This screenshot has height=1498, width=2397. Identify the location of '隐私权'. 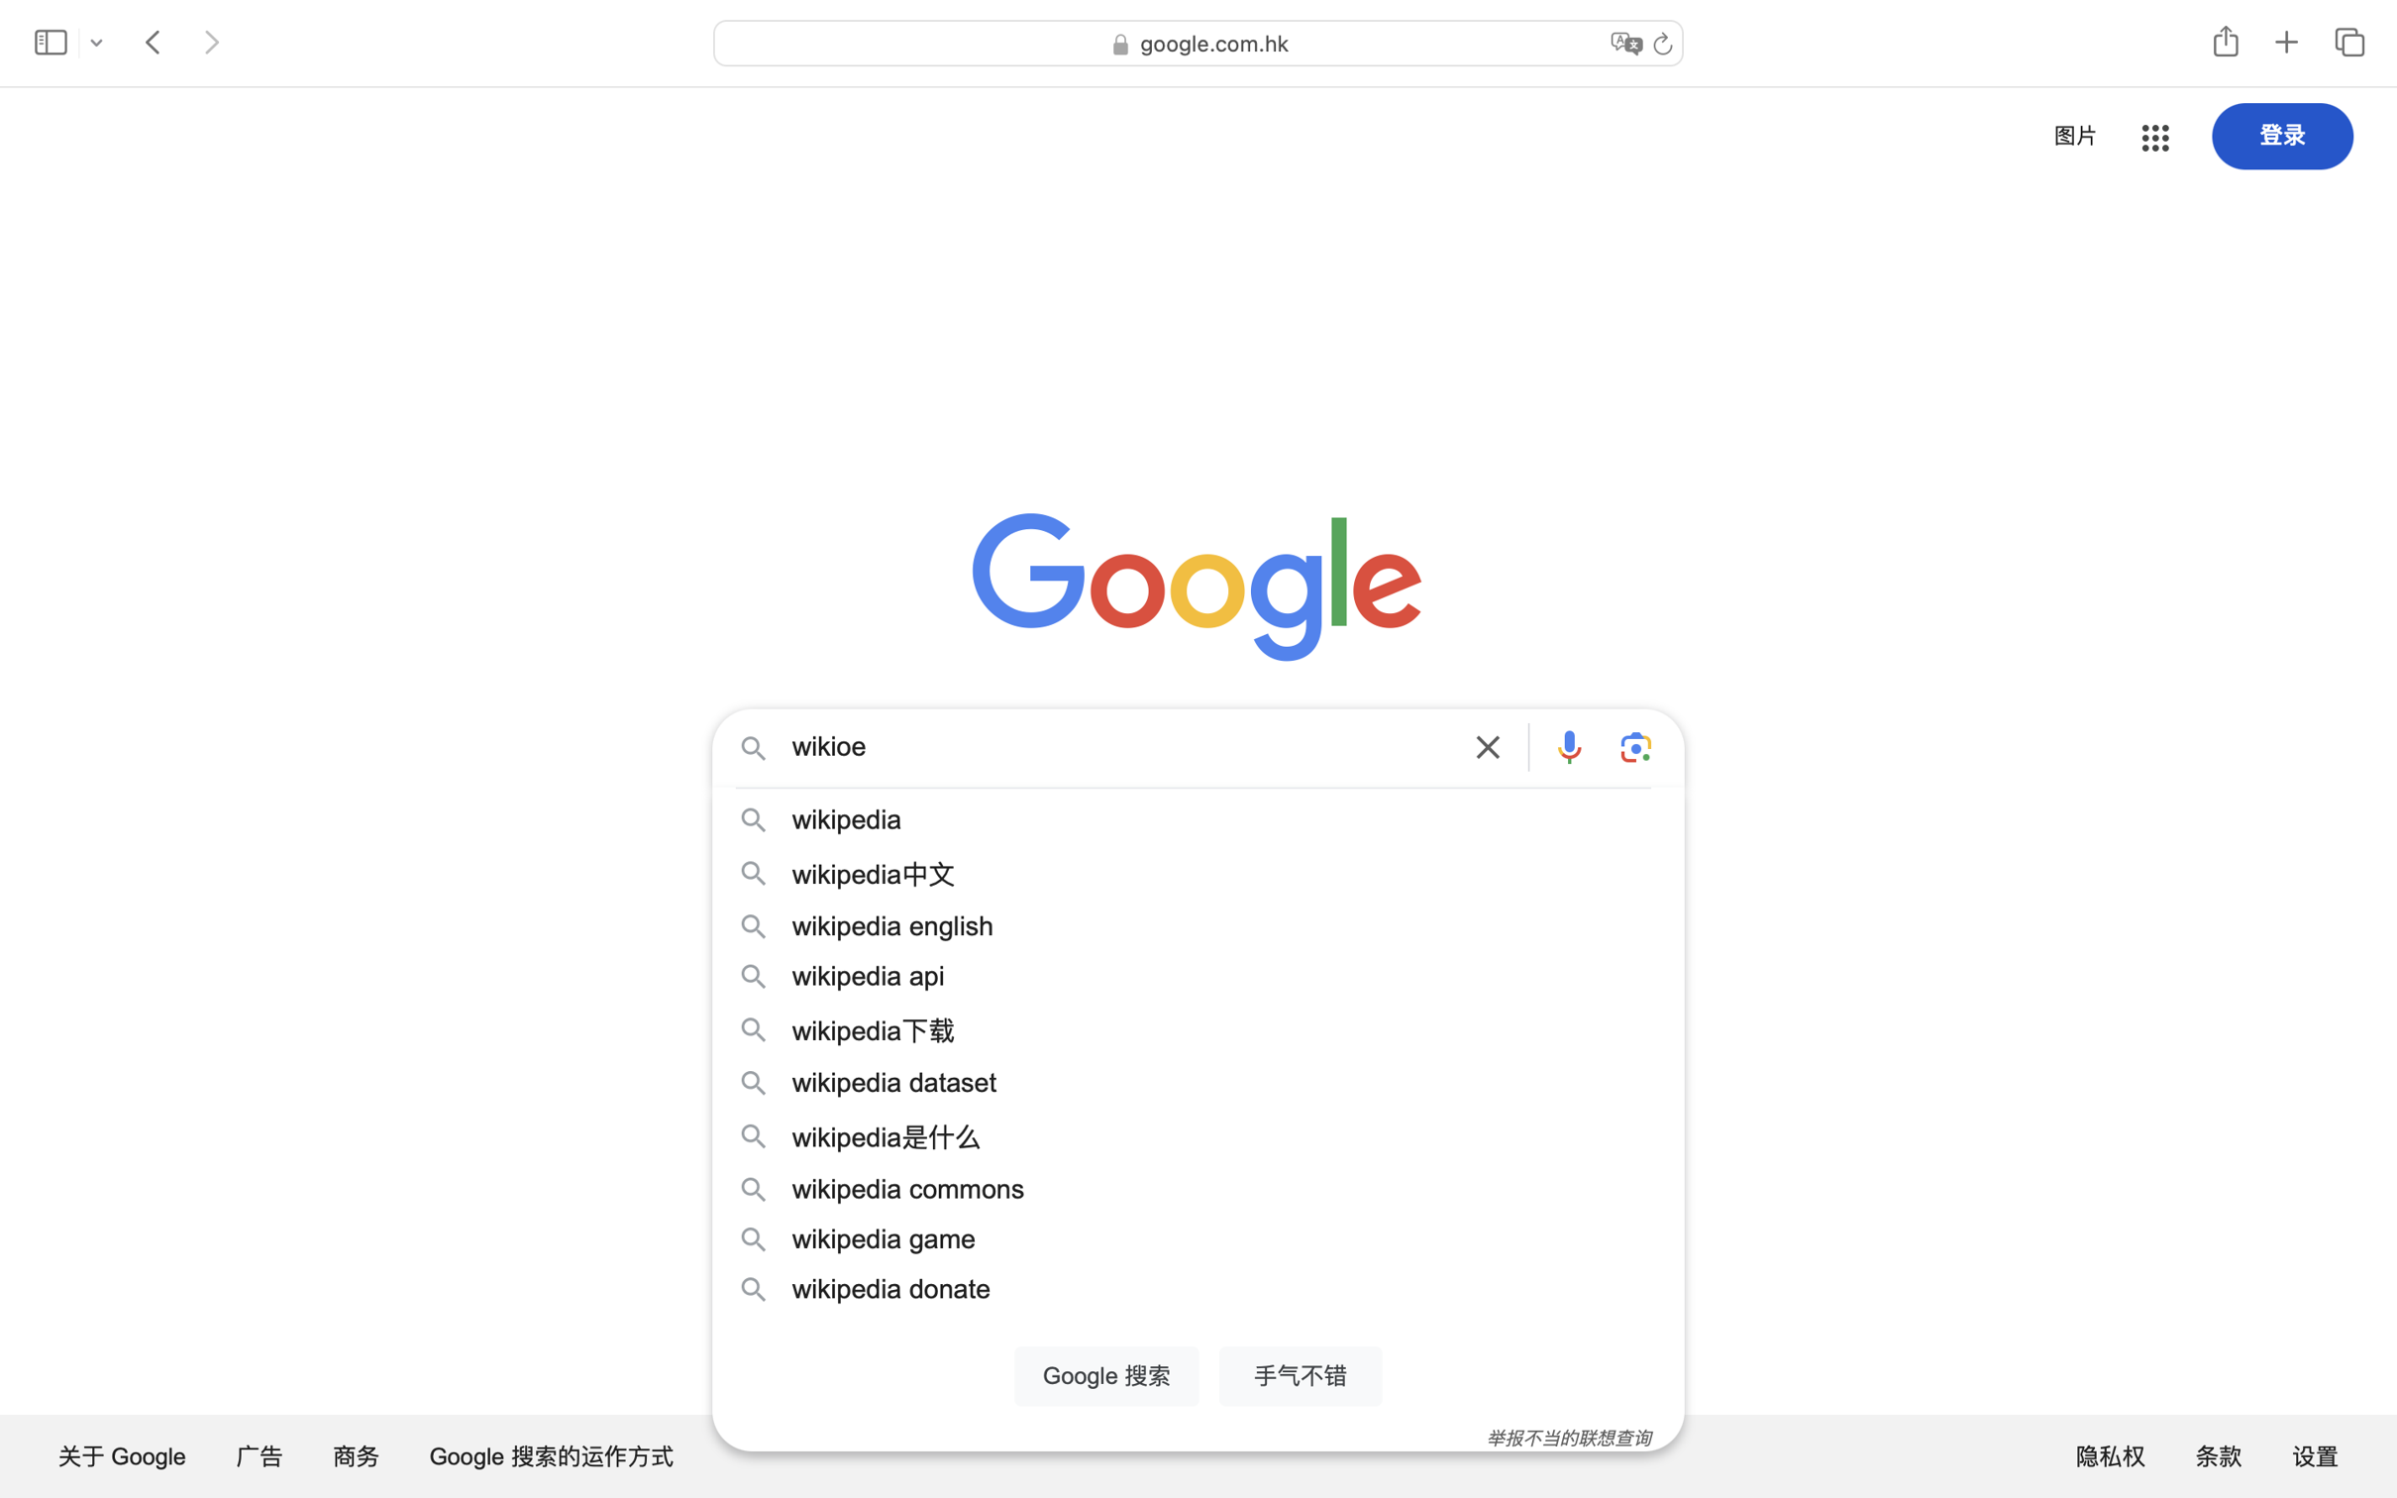
(2110, 1454).